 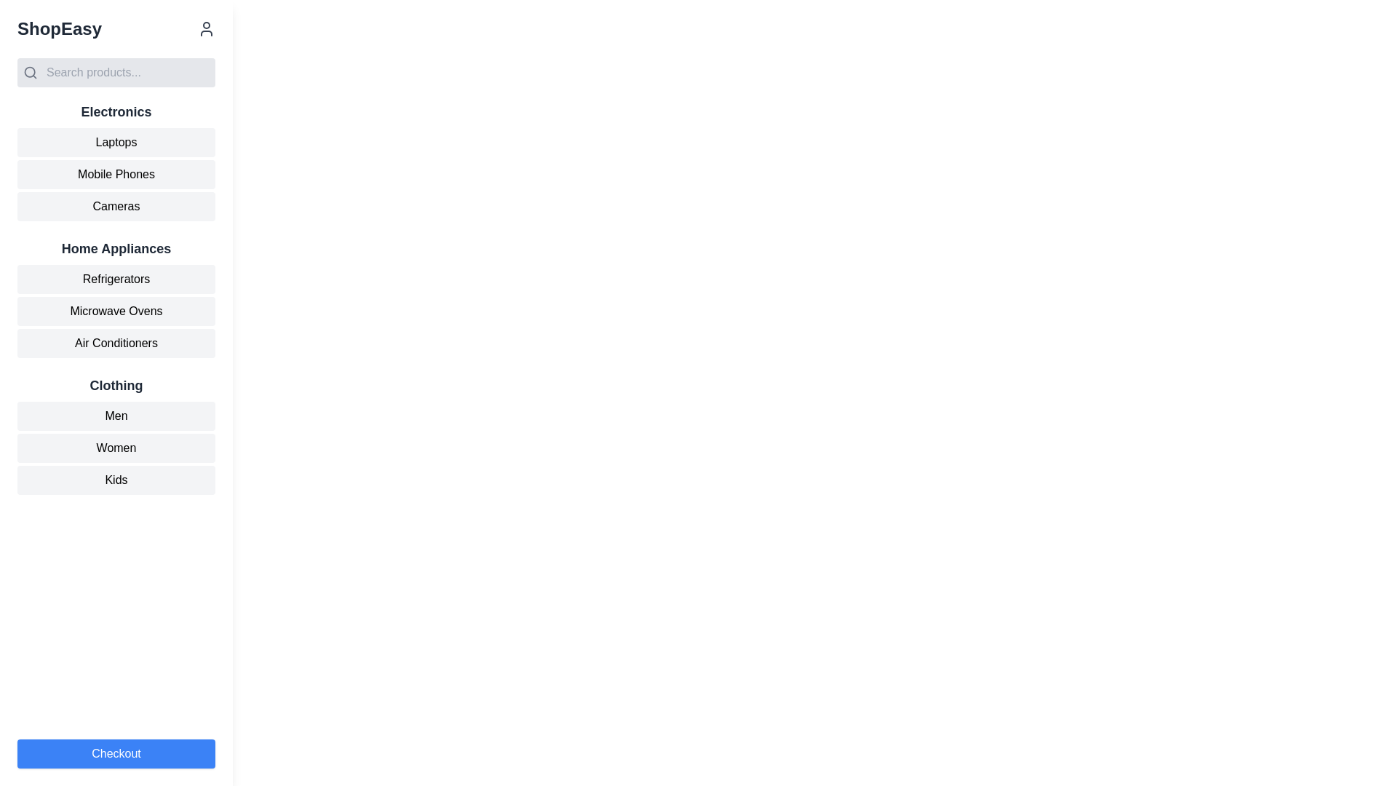 What do you see at coordinates (115, 753) in the screenshot?
I see `the button with a blue background and white text located at the bottom of the vertically stacked menu layout for accessibility navigation` at bounding box center [115, 753].